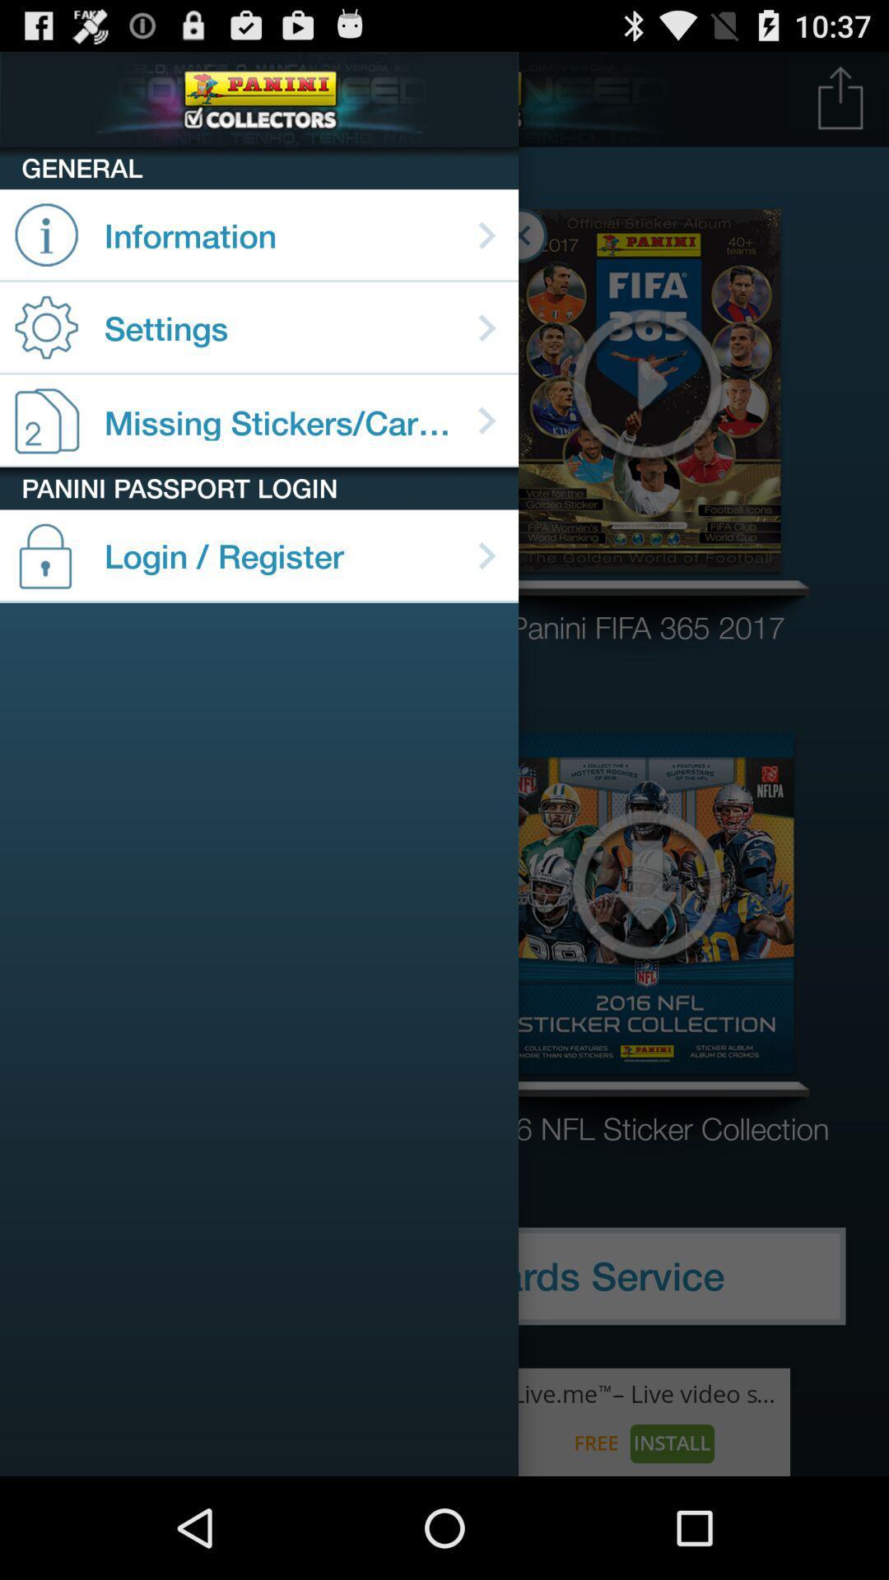 The image size is (889, 1580). I want to click on the arrow_downward icon, so click(646, 945).